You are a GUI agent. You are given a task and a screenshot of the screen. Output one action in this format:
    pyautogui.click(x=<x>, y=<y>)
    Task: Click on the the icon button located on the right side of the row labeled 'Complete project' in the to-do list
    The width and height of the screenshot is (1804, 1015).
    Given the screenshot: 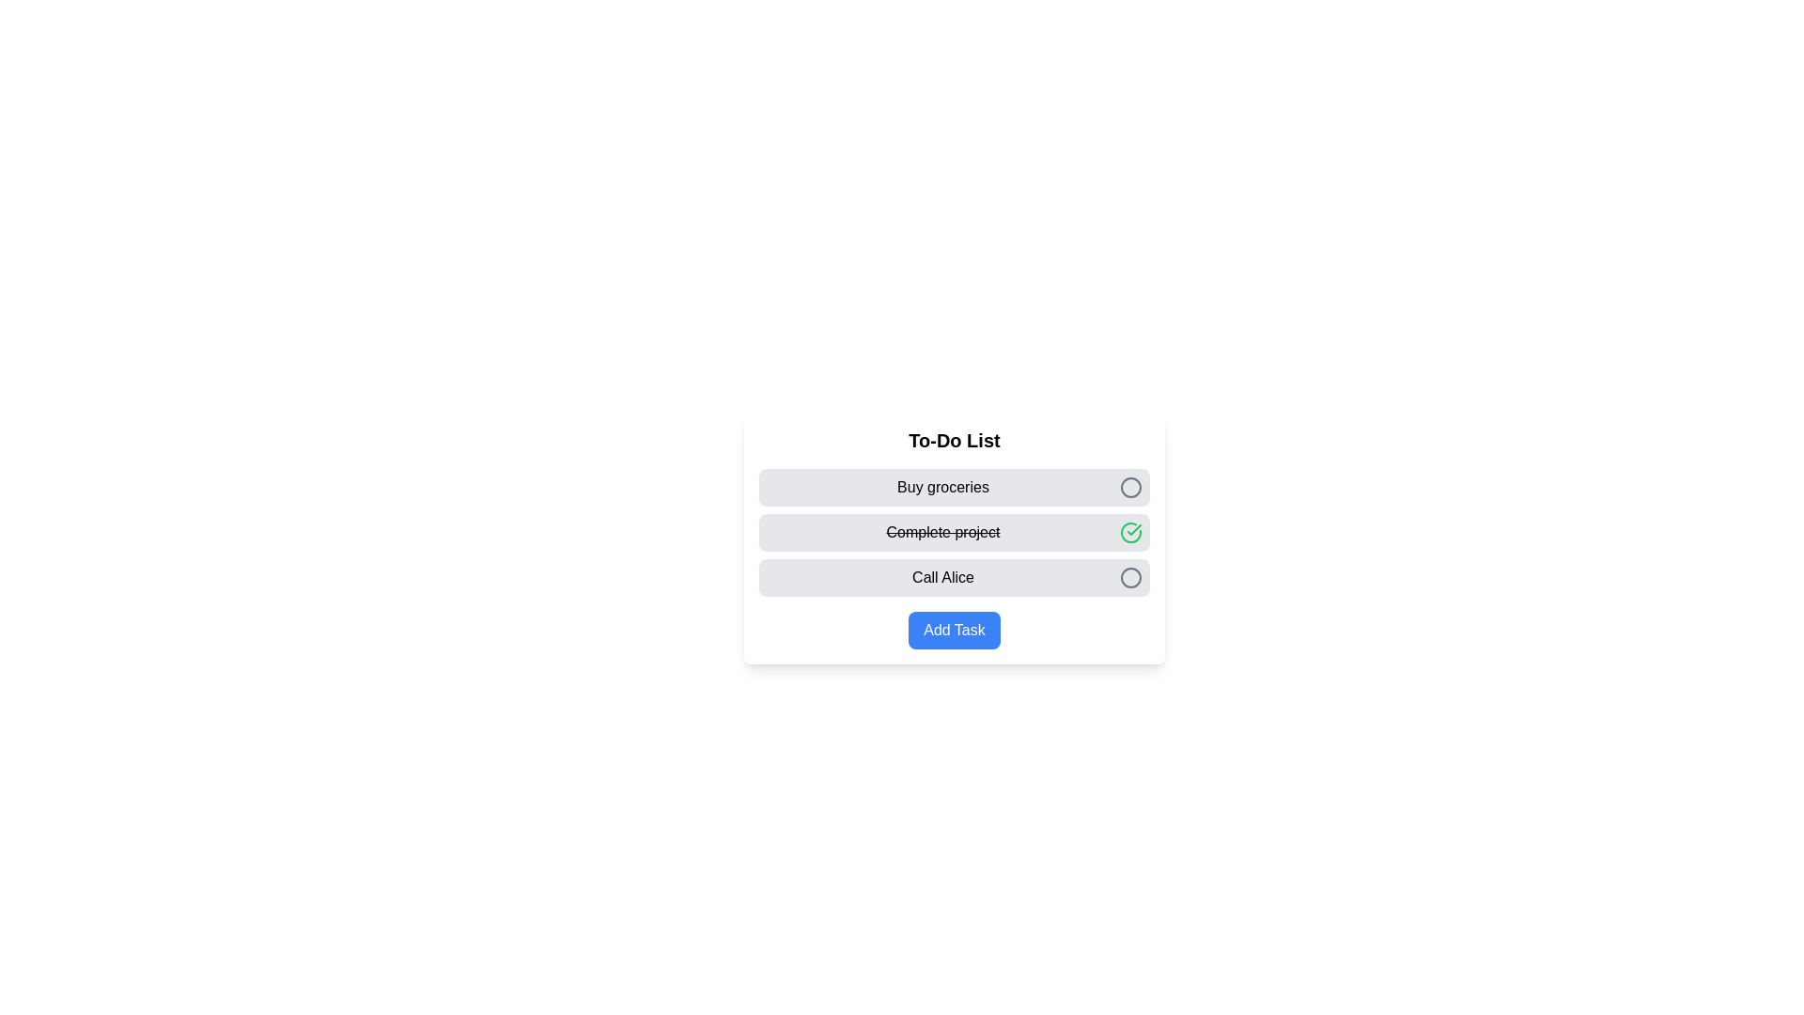 What is the action you would take?
    pyautogui.click(x=1130, y=533)
    